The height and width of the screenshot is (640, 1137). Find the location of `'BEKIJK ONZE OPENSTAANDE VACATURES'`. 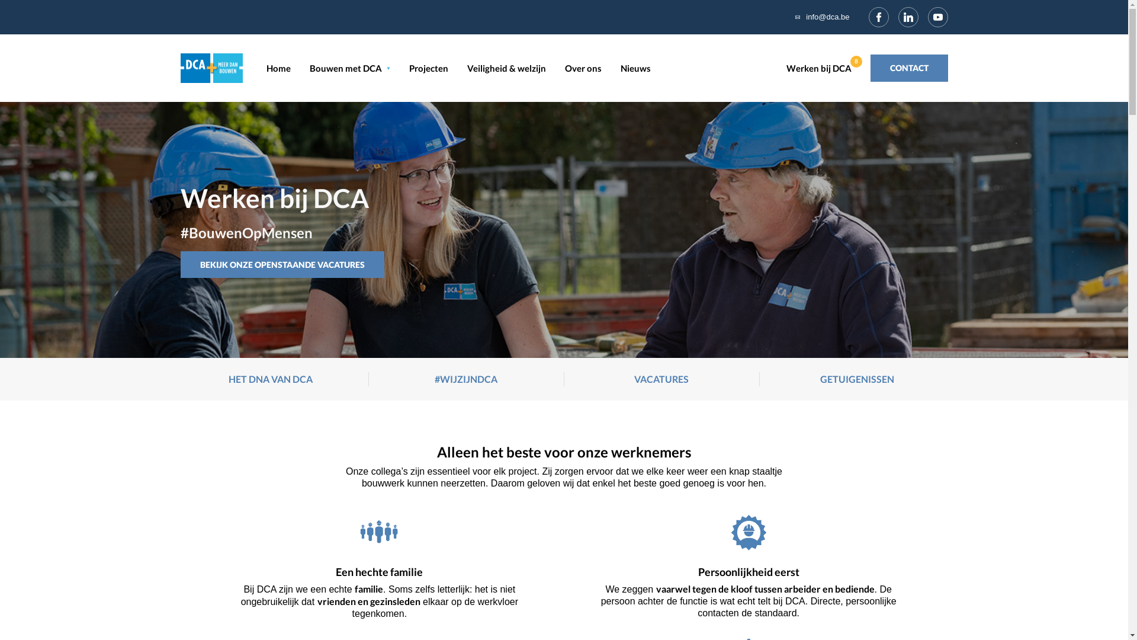

'BEKIJK ONZE OPENSTAANDE VACATURES' is located at coordinates (281, 264).